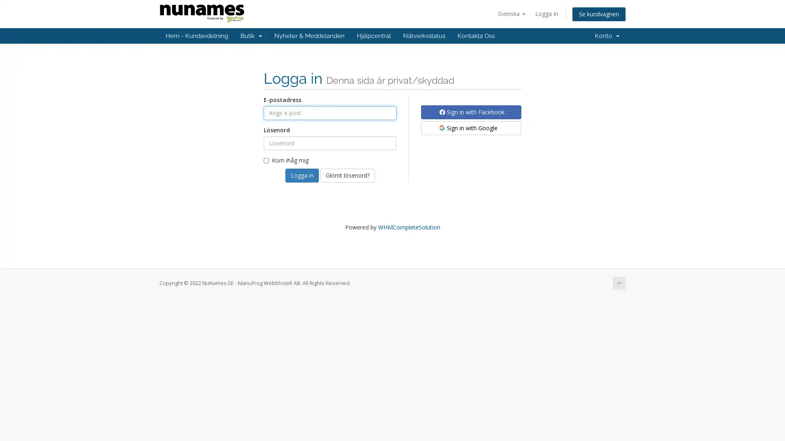 The width and height of the screenshot is (785, 441). Describe the element at coordinates (471, 111) in the screenshot. I see `Sign in with Facebook` at that location.